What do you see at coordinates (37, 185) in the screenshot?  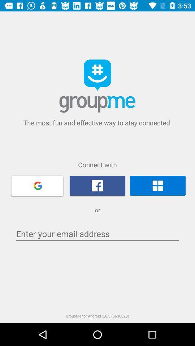 I see `google account` at bounding box center [37, 185].